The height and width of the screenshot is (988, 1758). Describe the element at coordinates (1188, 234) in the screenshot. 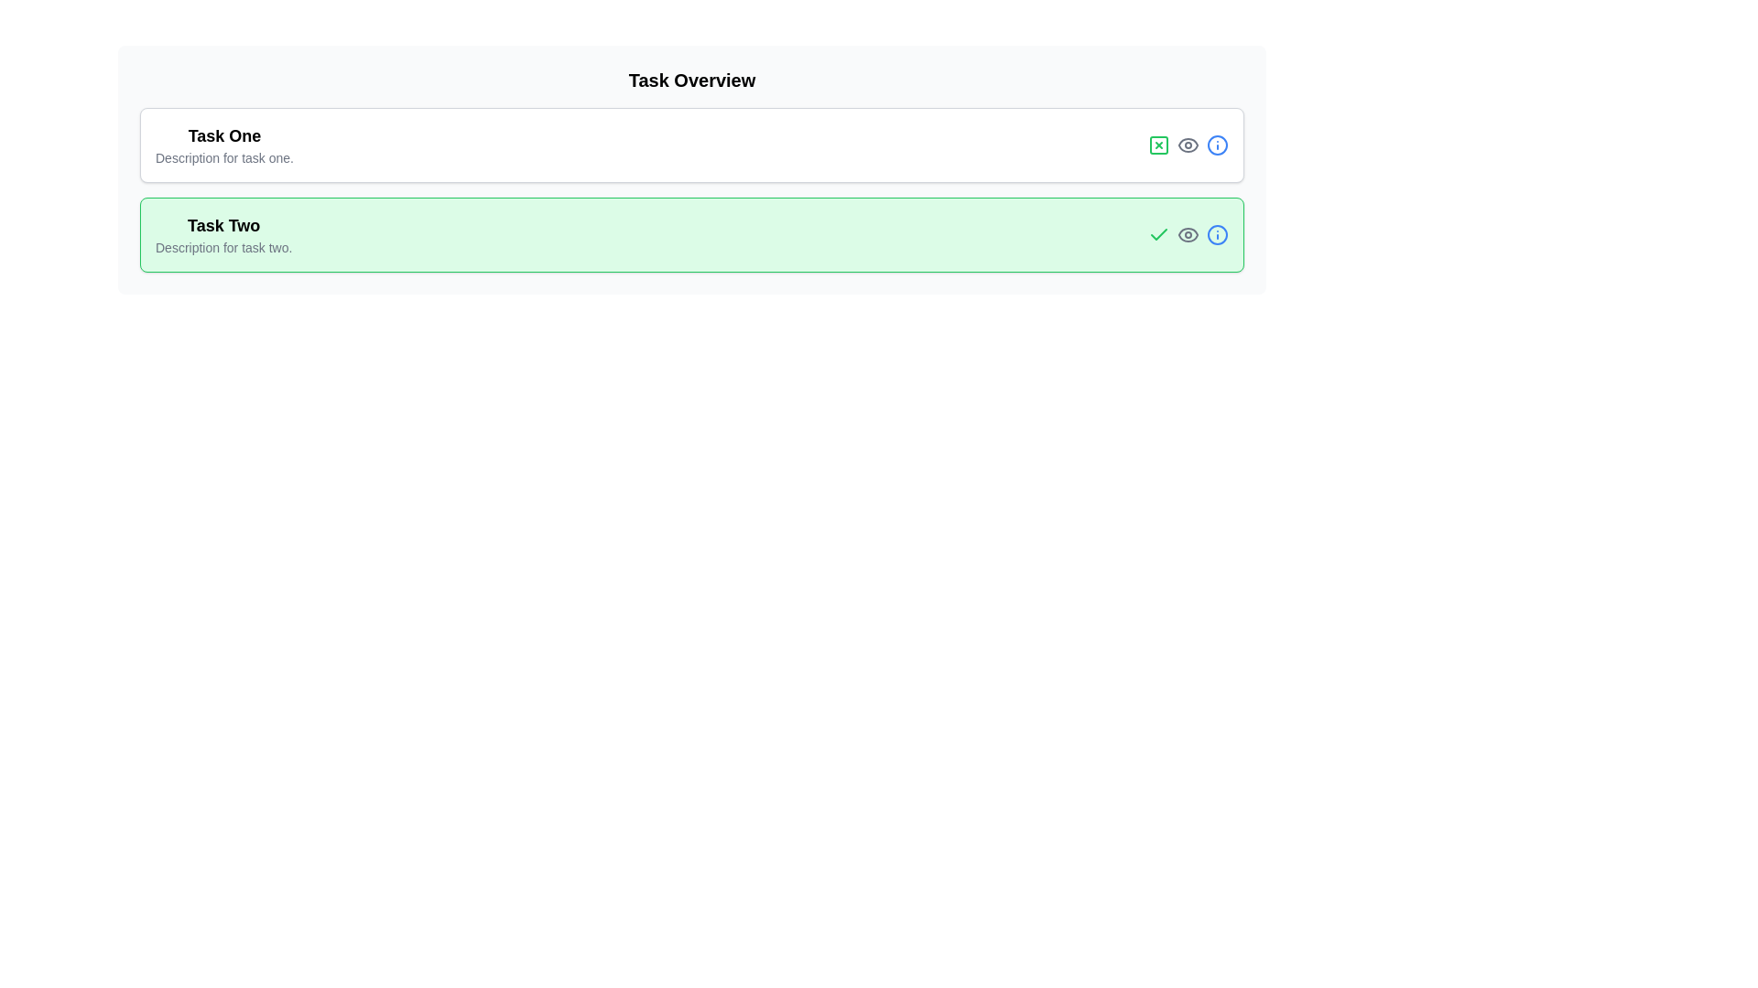

I see `the Icon button that serves as a toggle for visibility settings, located between a green check mark and a blue 'info' icon` at that location.